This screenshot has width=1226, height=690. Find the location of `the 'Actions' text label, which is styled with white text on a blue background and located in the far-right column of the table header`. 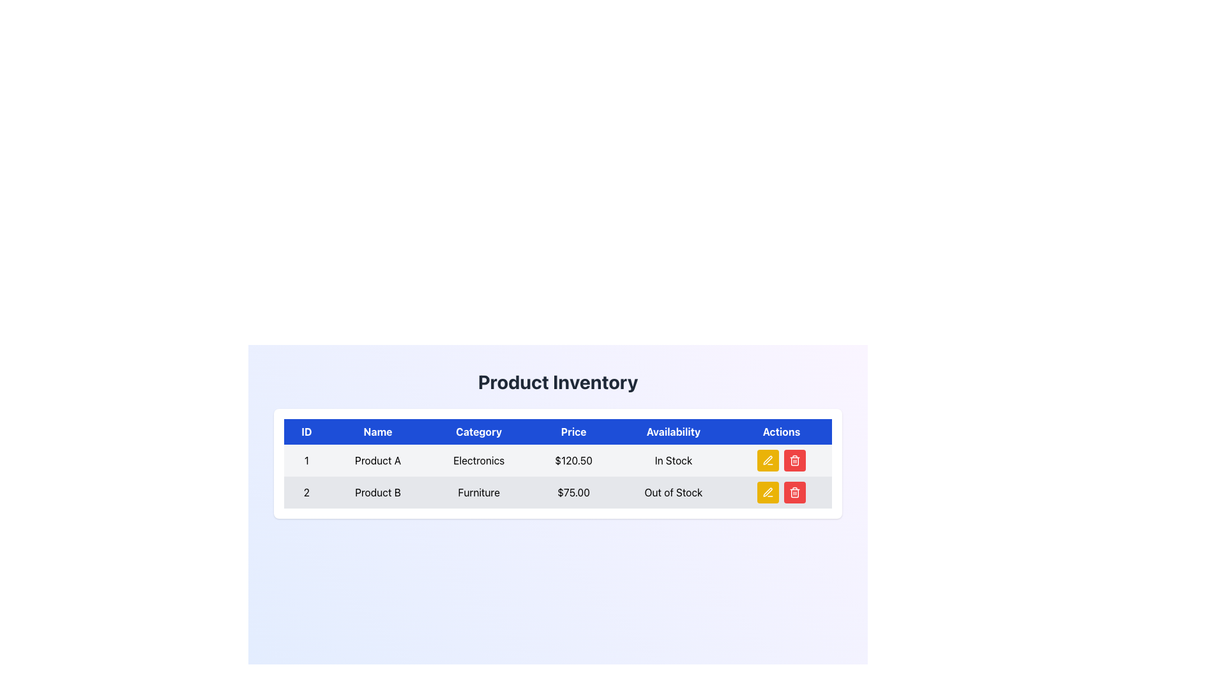

the 'Actions' text label, which is styled with white text on a blue background and located in the far-right column of the table header is located at coordinates (781, 431).